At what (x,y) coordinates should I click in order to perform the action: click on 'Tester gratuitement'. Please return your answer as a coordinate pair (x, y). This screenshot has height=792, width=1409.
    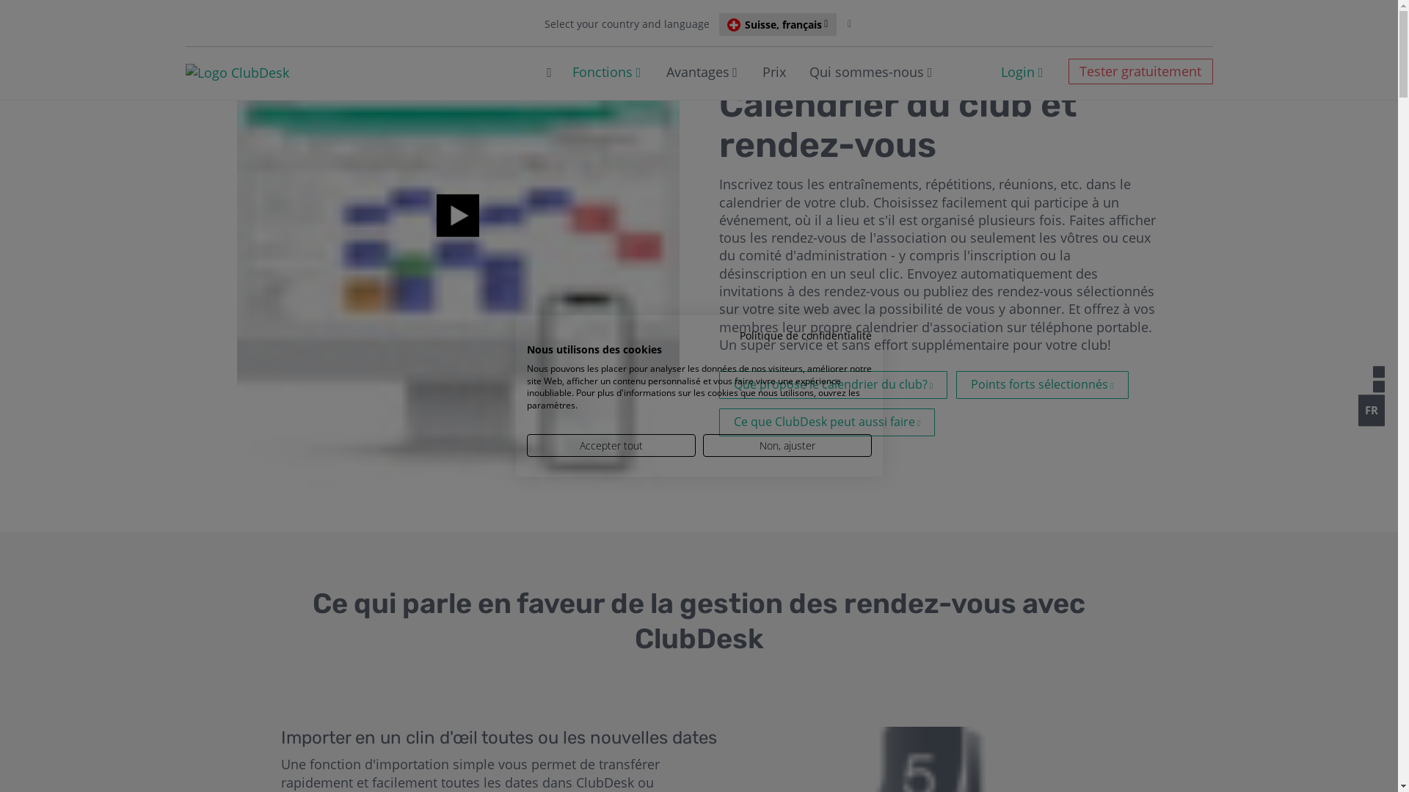
    Looking at the image, I should click on (1068, 71).